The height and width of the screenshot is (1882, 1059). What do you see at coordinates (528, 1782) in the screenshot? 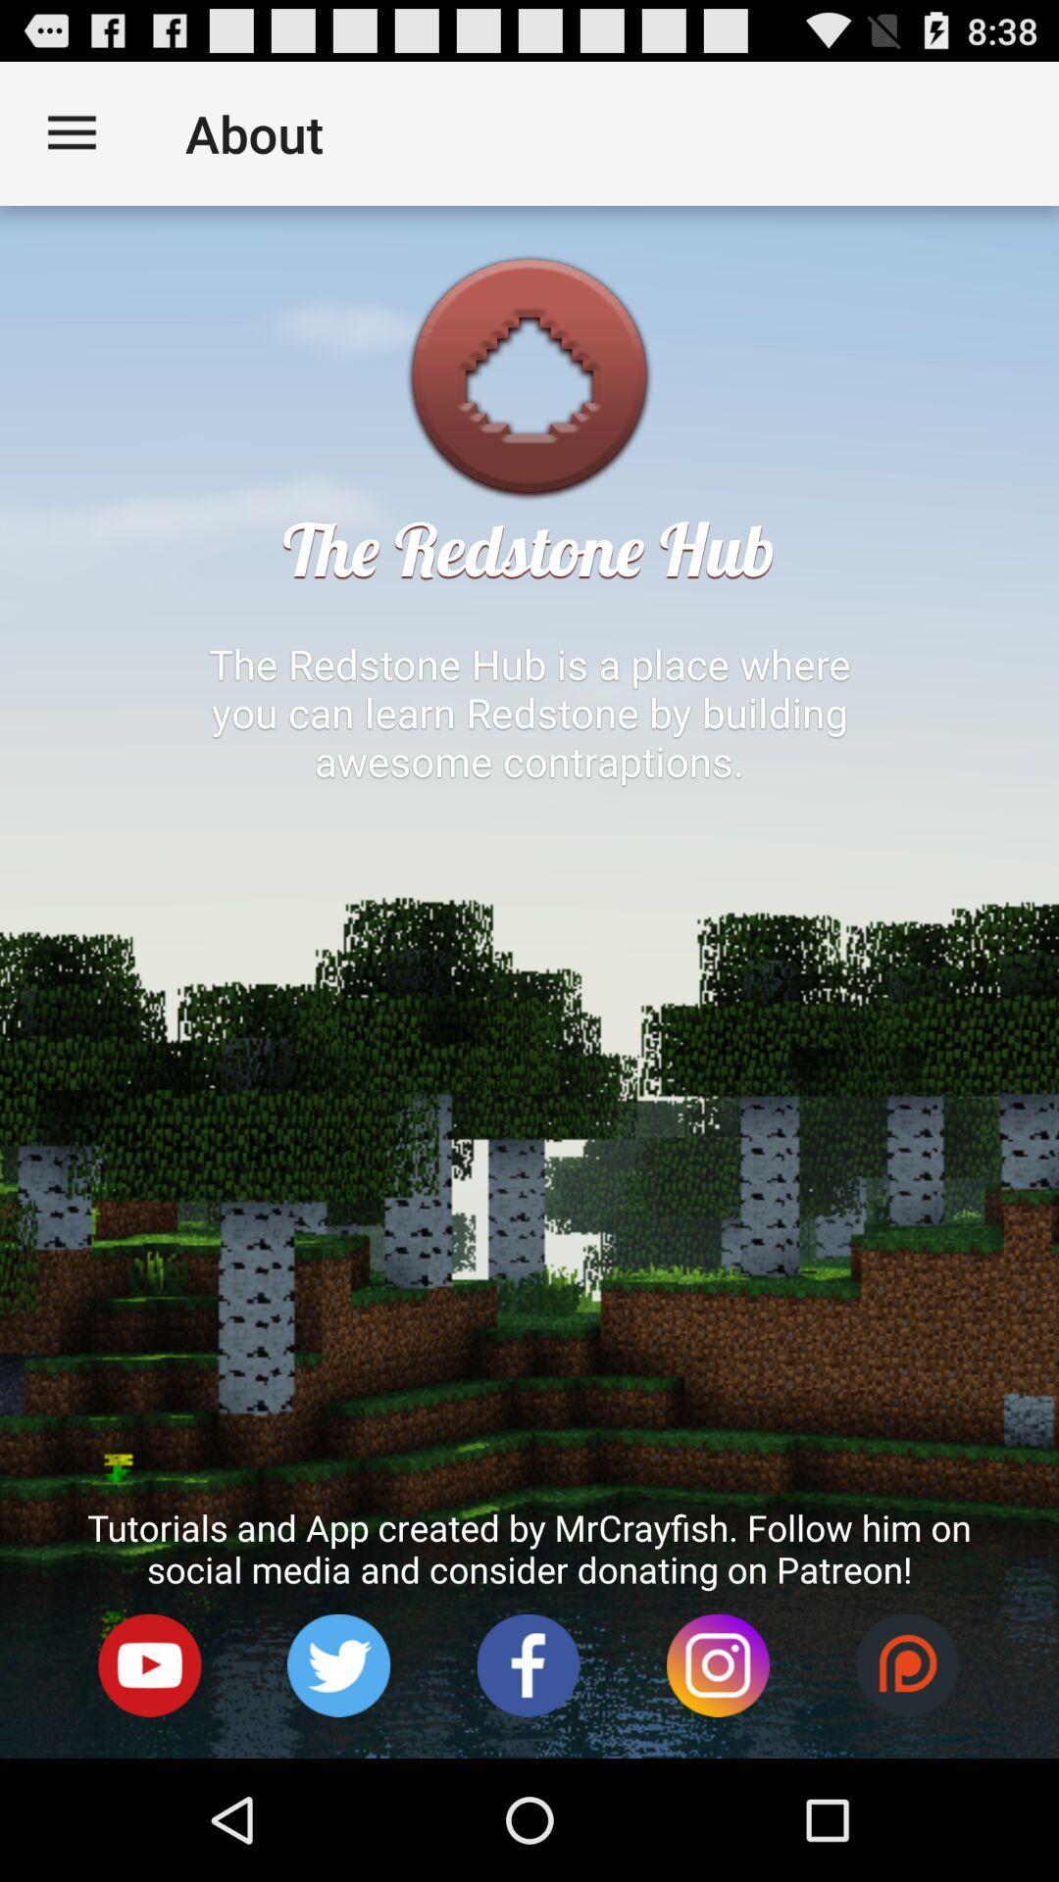
I see `the facebook icon` at bounding box center [528, 1782].